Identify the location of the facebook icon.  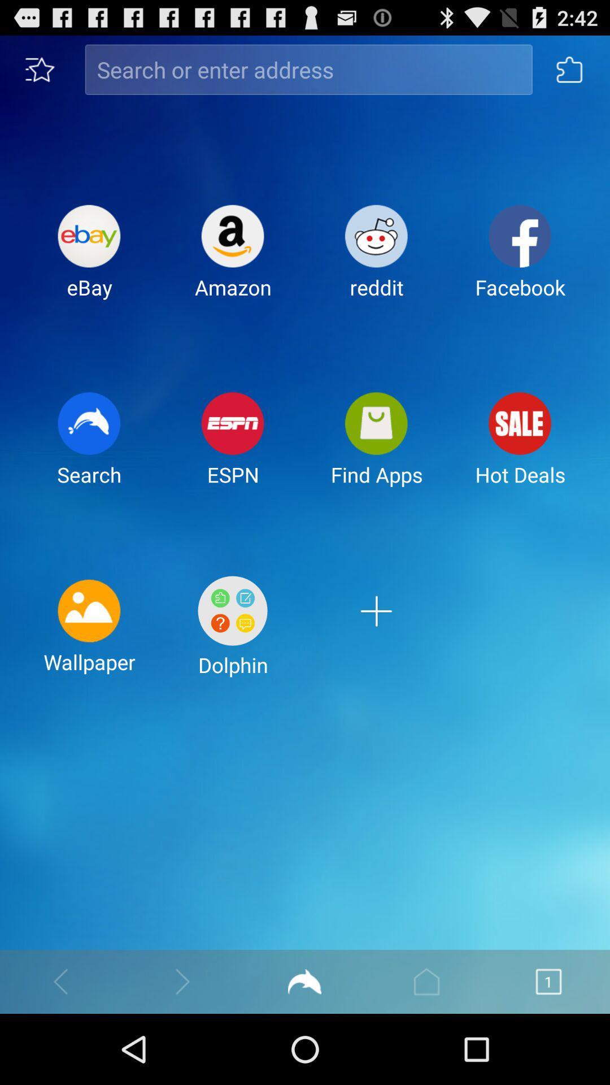
(520, 279).